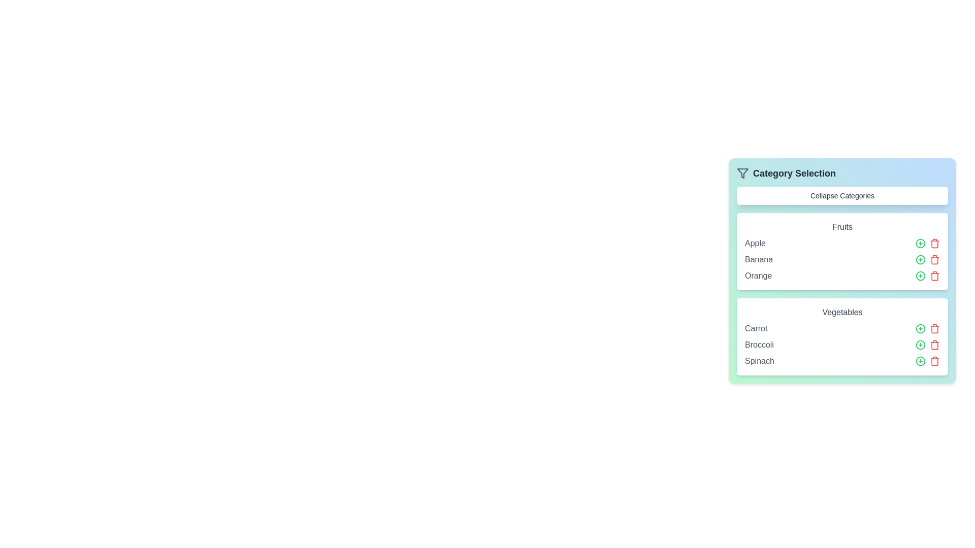  I want to click on the green '+' button next to the item Orange to add it to the selected list, so click(921, 276).